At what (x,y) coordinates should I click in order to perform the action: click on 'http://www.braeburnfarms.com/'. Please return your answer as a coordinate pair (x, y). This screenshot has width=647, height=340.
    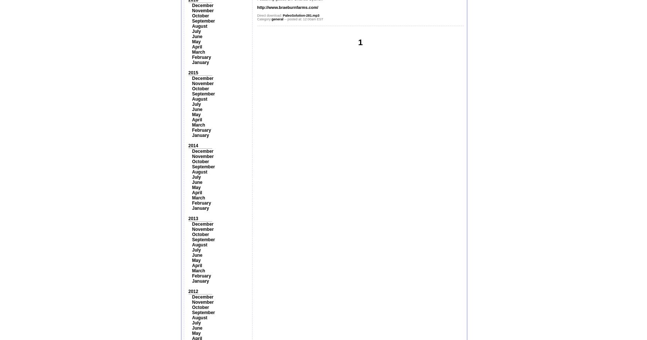
    Looking at the image, I should click on (287, 7).